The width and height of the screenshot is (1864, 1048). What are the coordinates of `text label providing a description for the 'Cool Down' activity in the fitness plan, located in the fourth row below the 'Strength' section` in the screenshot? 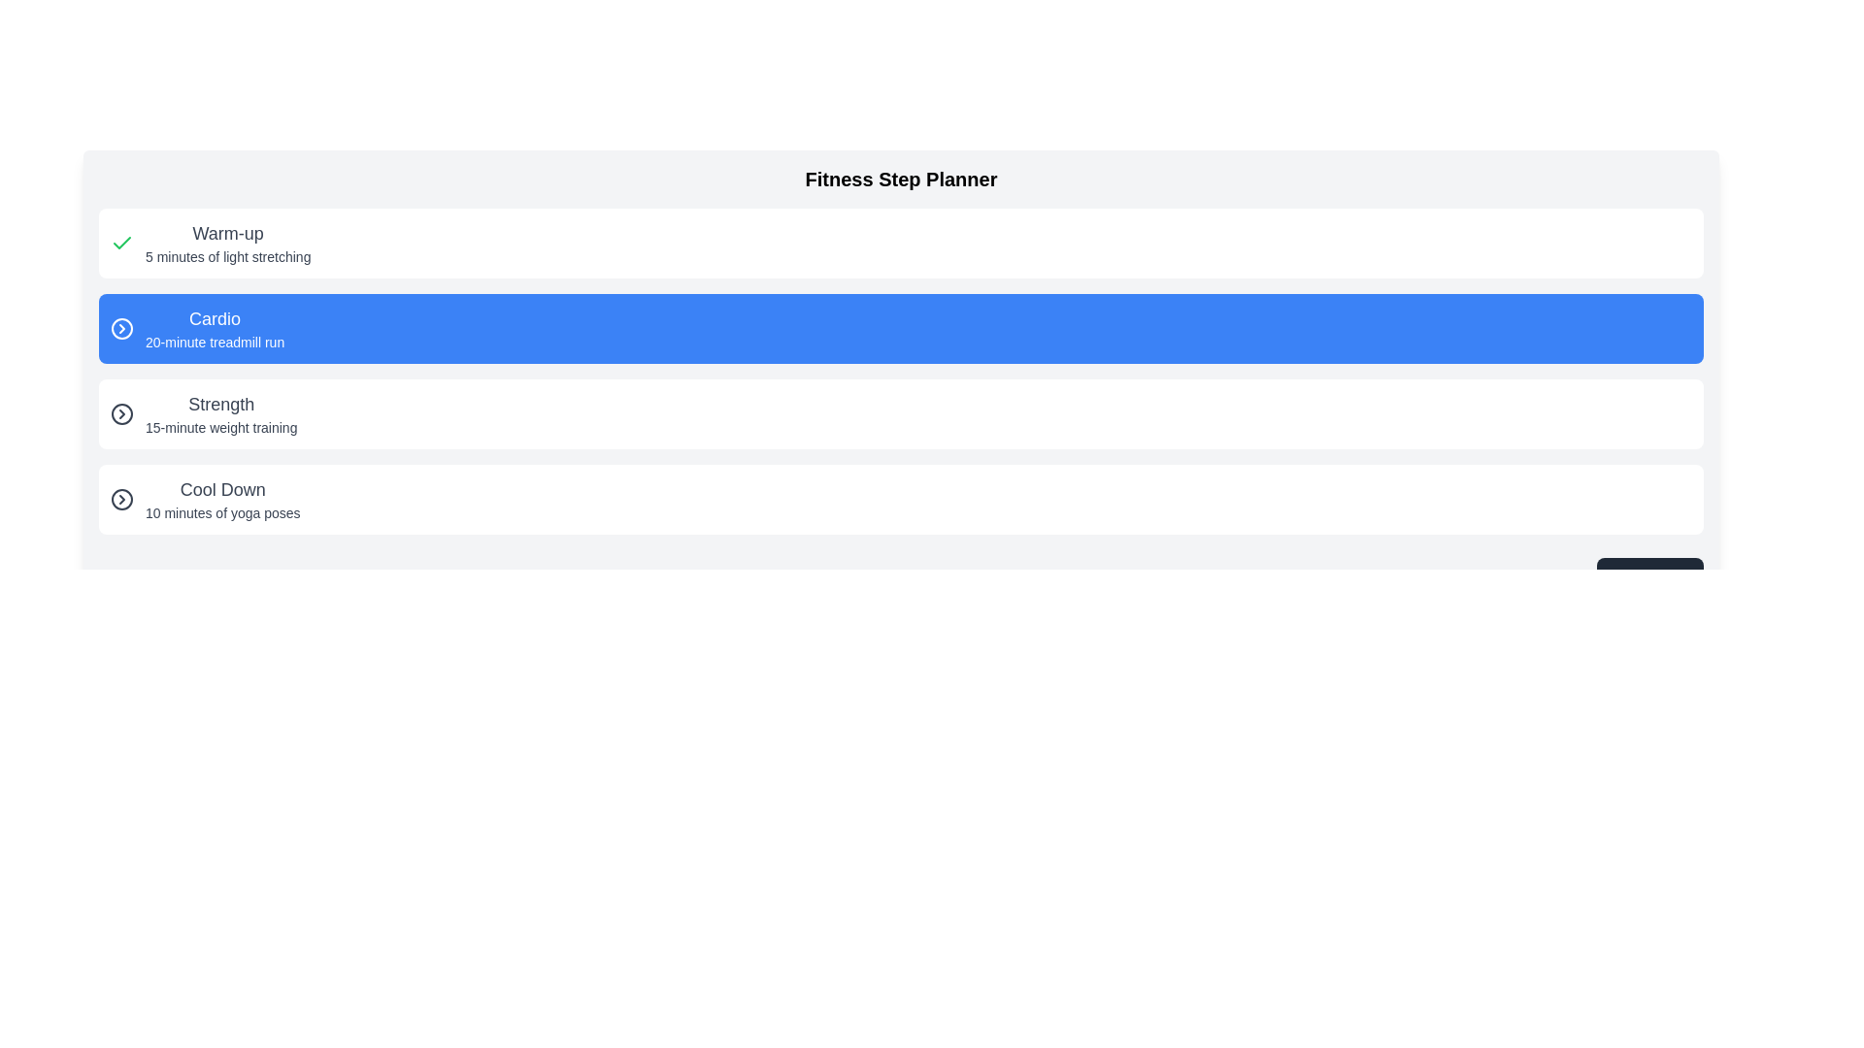 It's located at (222, 499).